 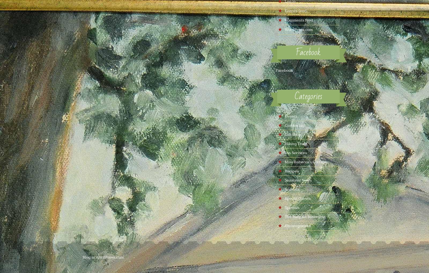 What do you see at coordinates (284, 180) in the screenshot?
I see `'Seasonal News'` at bounding box center [284, 180].